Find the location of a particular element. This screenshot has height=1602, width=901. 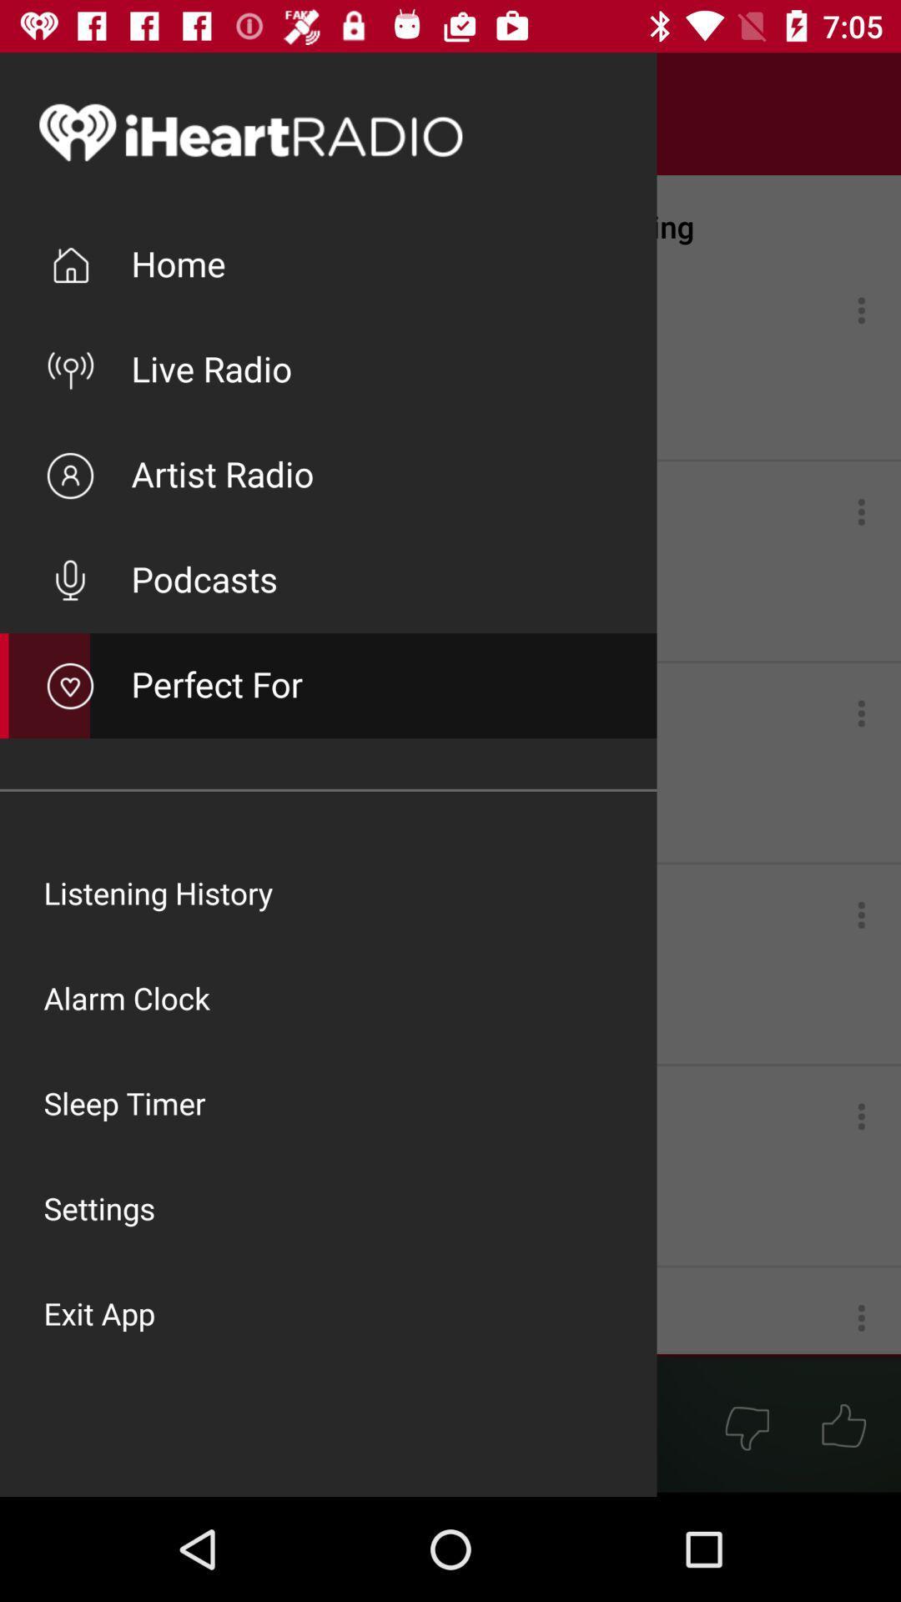

the thumbs_down icon is located at coordinates (746, 1425).